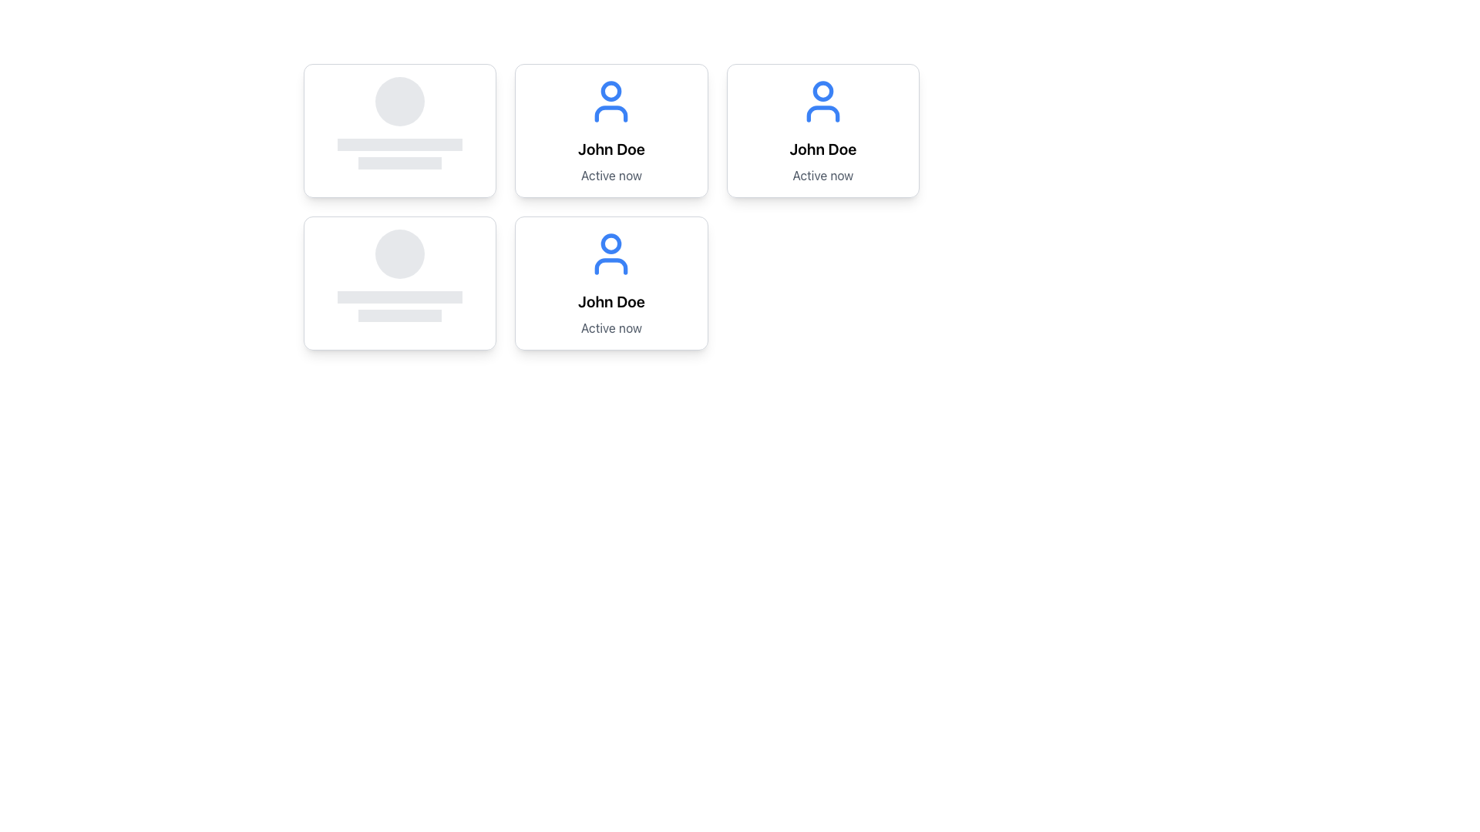 This screenshot has height=832, width=1480. I want to click on the center card in the second row of the grid layout, which displays the name 'John Doe' and status 'Active now', so click(610, 206).